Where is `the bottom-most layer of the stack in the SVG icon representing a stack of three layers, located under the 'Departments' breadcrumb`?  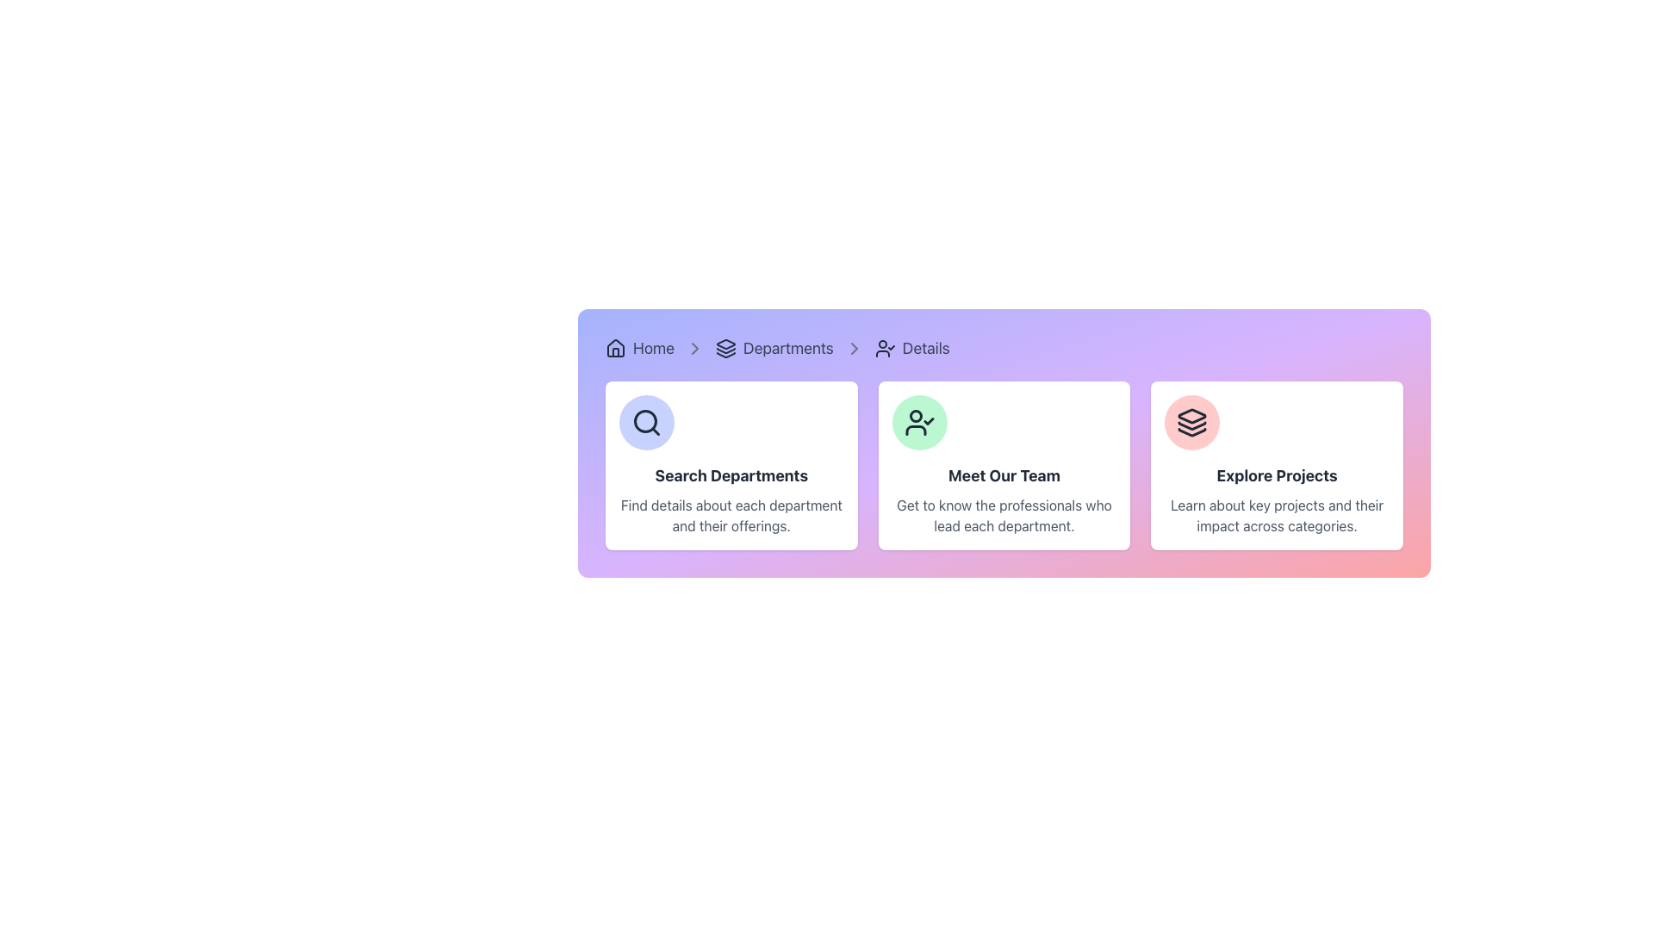
the bottom-most layer of the stack in the SVG icon representing a stack of three layers, located under the 'Departments' breadcrumb is located at coordinates (726, 354).